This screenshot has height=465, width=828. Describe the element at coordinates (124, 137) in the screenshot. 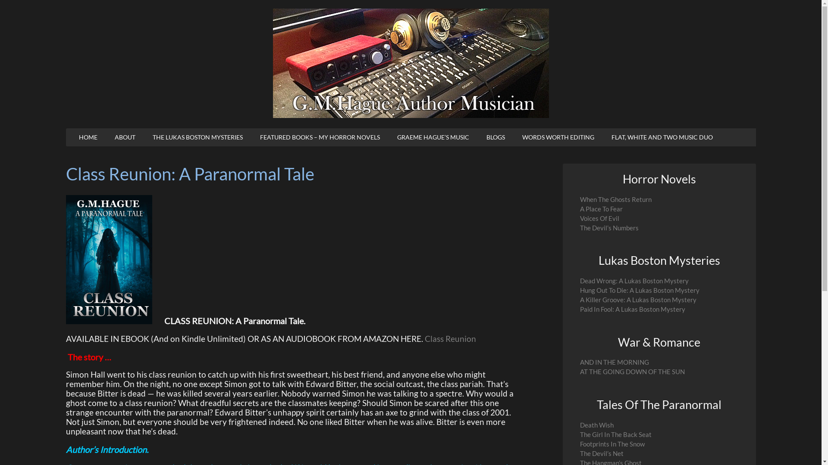

I see `'ABOUT'` at that location.